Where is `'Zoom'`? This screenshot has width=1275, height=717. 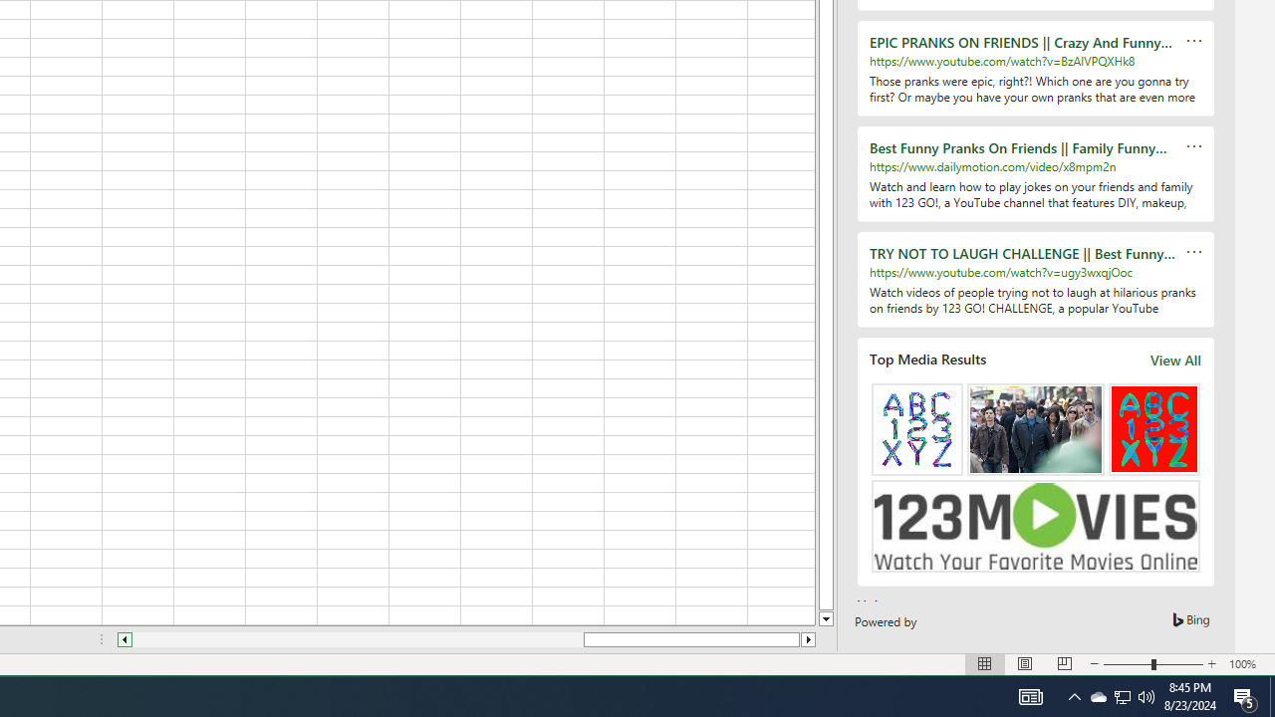
'Zoom' is located at coordinates (1153, 664).